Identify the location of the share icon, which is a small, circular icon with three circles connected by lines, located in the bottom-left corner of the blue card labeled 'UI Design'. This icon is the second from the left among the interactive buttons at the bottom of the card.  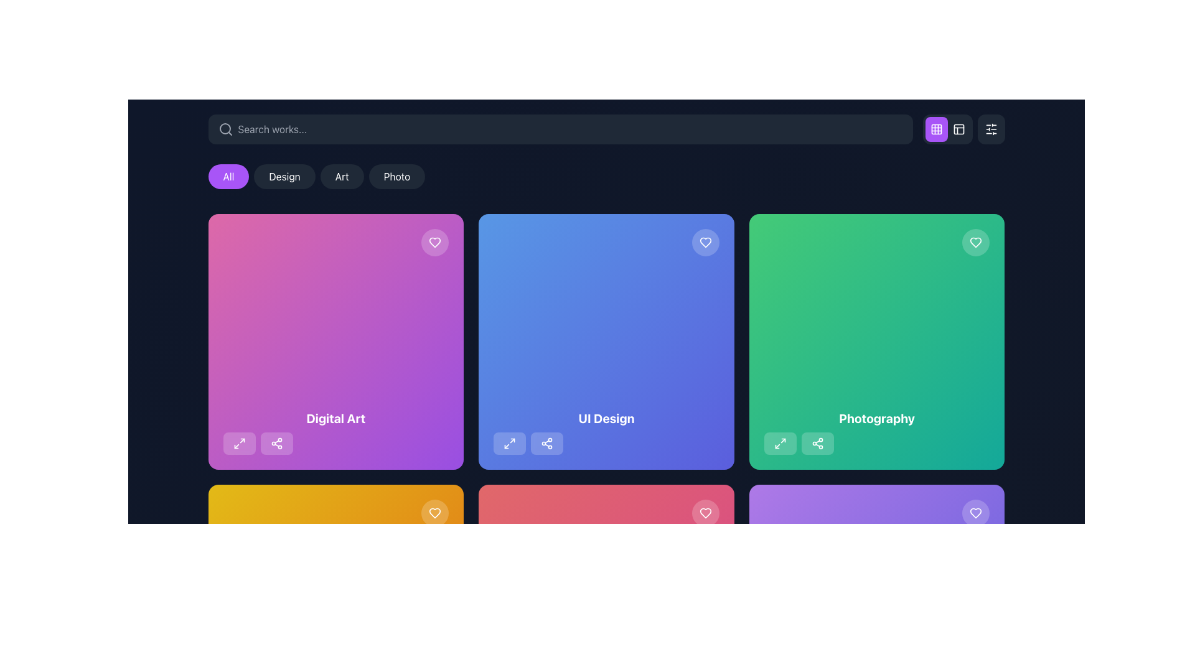
(547, 442).